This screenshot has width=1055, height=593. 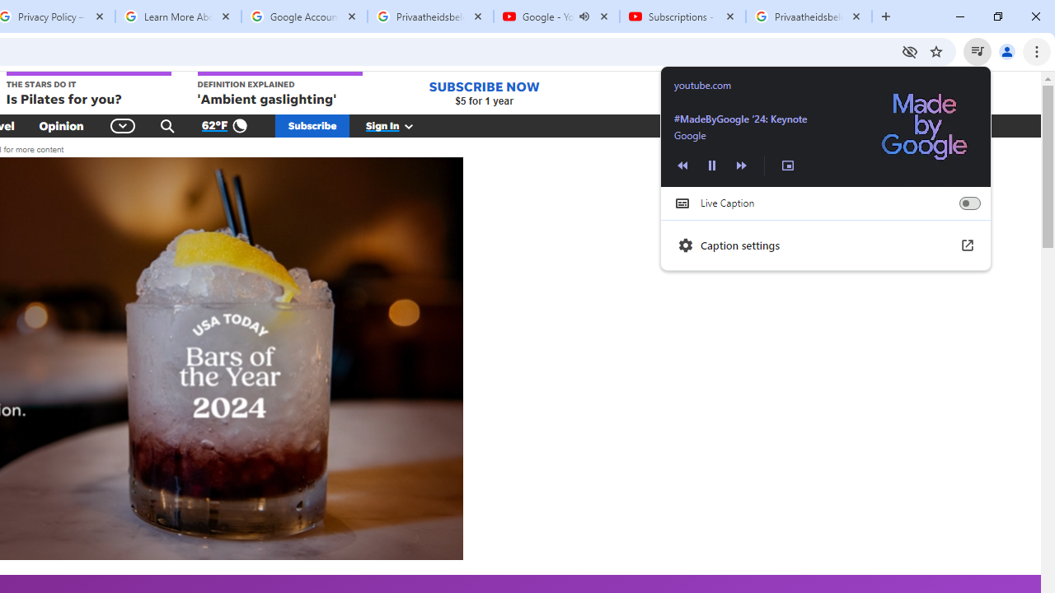 What do you see at coordinates (826, 125) in the screenshot?
I see `'Back to tab'` at bounding box center [826, 125].